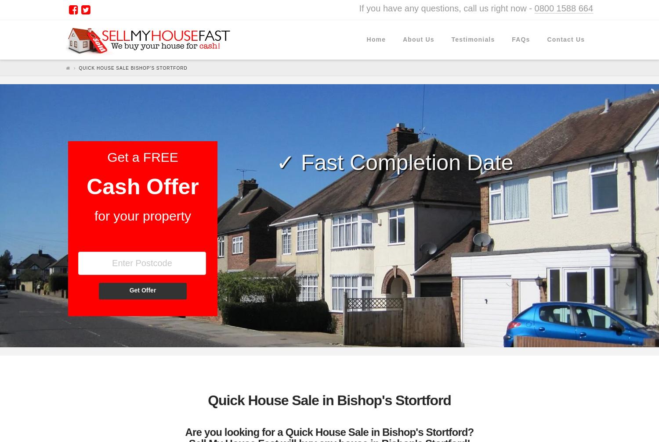  What do you see at coordinates (275, 196) in the screenshot?
I see `'✓ Guaranteed Cash Offer'` at bounding box center [275, 196].